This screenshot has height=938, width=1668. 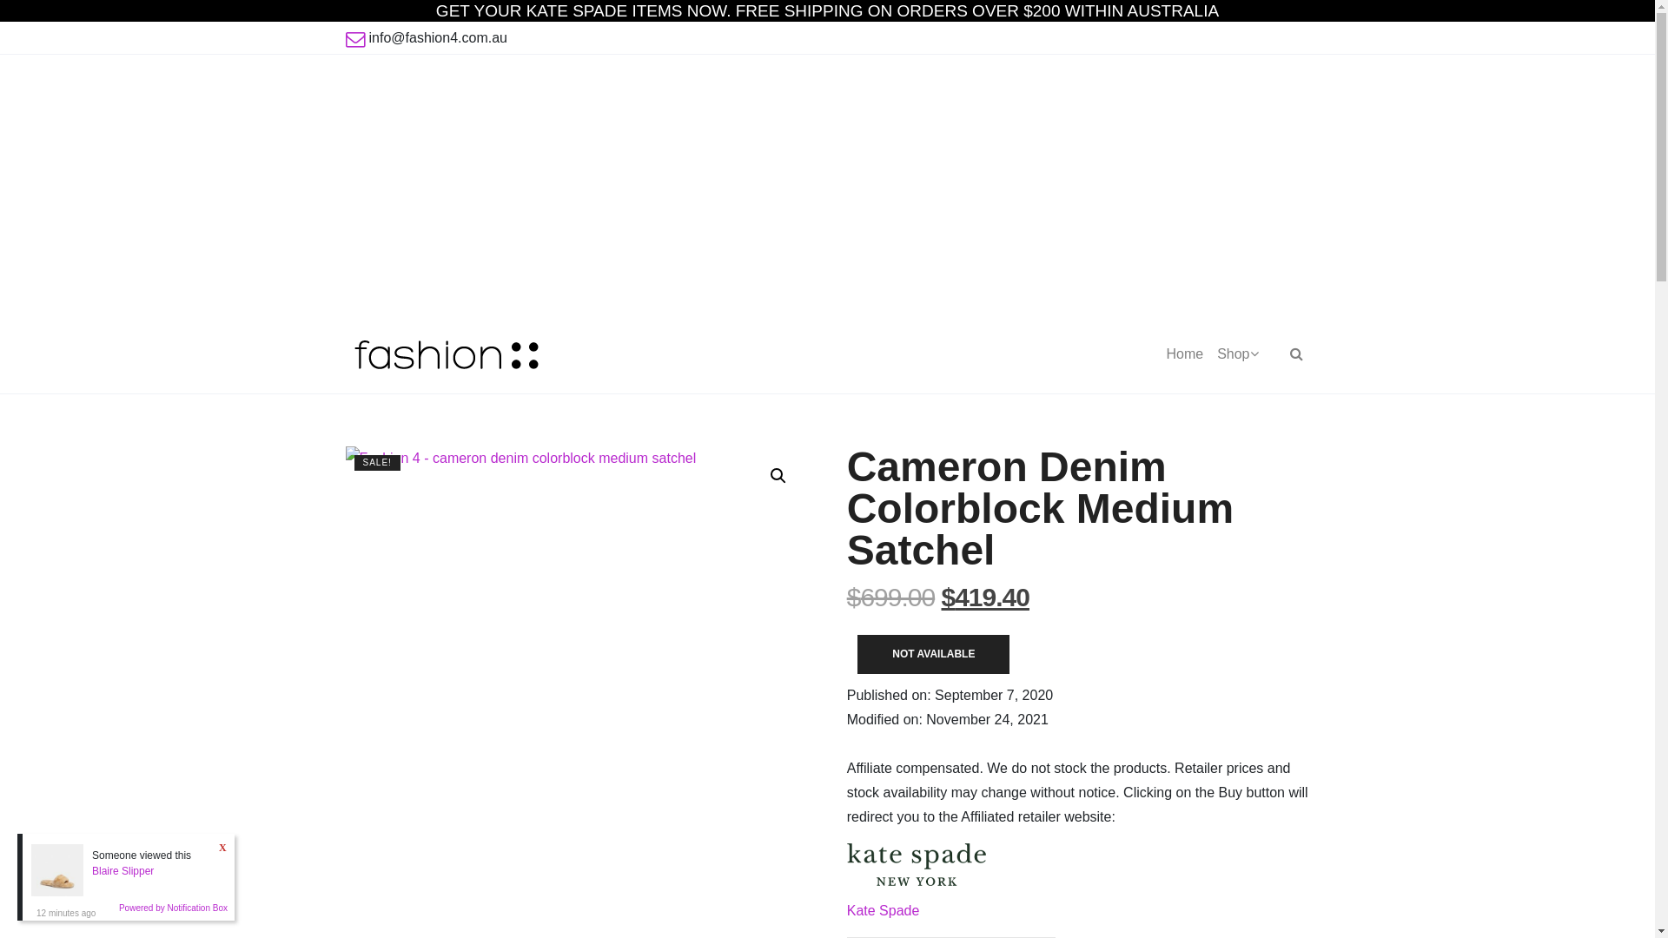 I want to click on 'NOT AVAILABLE', so click(x=932, y=654).